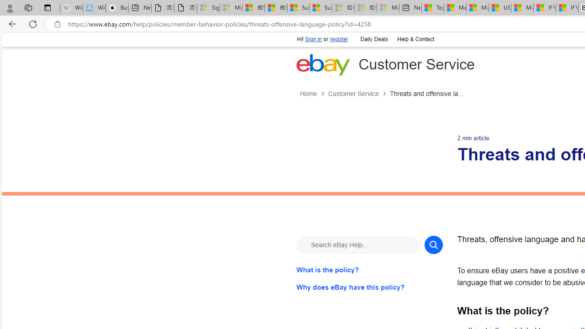 Image resolution: width=585 pixels, height=329 pixels. Describe the element at coordinates (433, 244) in the screenshot. I see `'Search'` at that location.